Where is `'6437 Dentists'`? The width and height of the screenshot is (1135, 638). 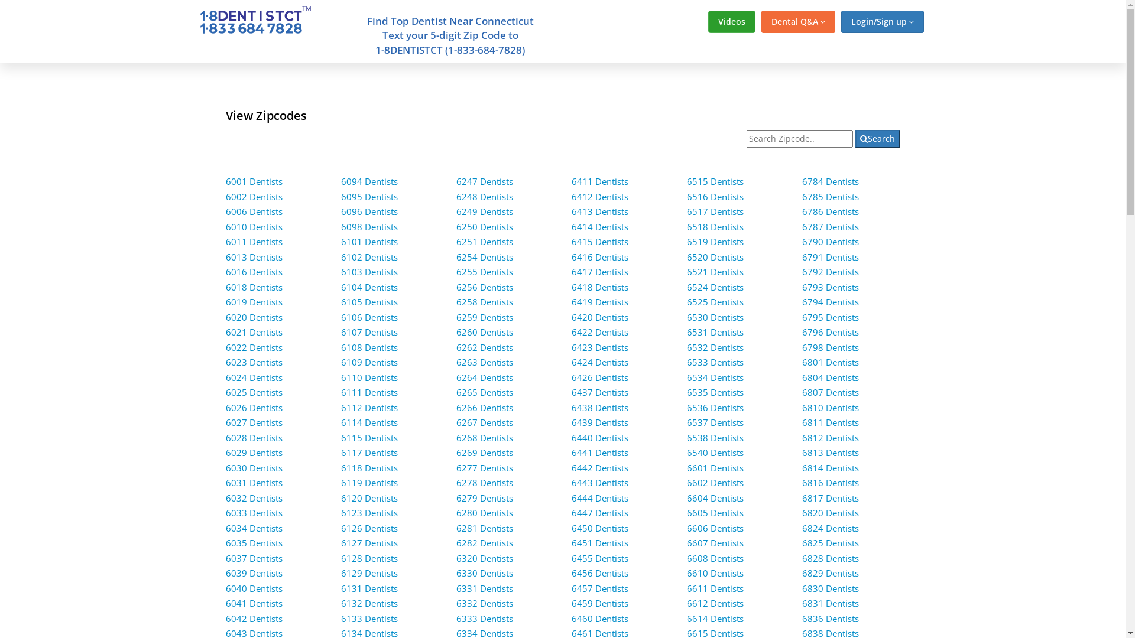
'6437 Dentists' is located at coordinates (599, 392).